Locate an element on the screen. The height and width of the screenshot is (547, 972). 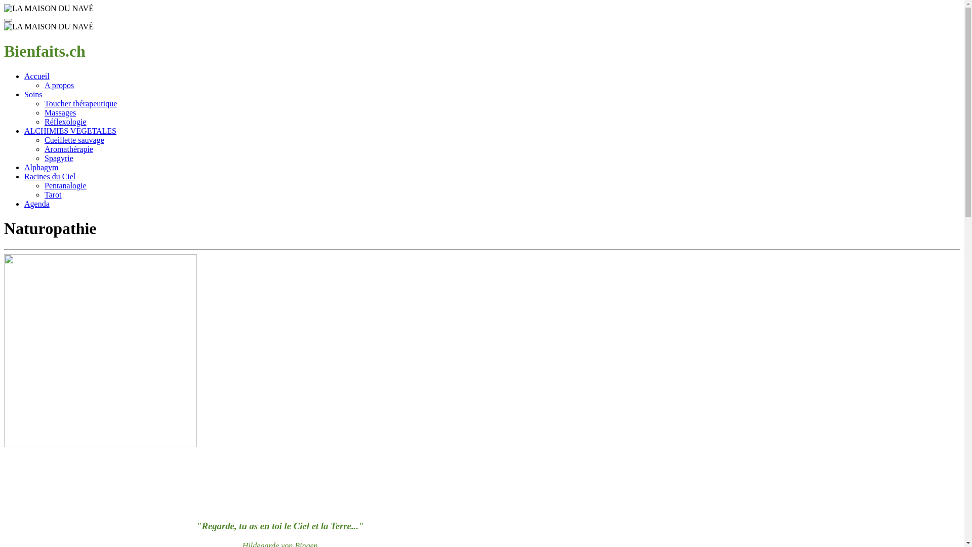
'Cueillette sauvage' is located at coordinates (74, 140).